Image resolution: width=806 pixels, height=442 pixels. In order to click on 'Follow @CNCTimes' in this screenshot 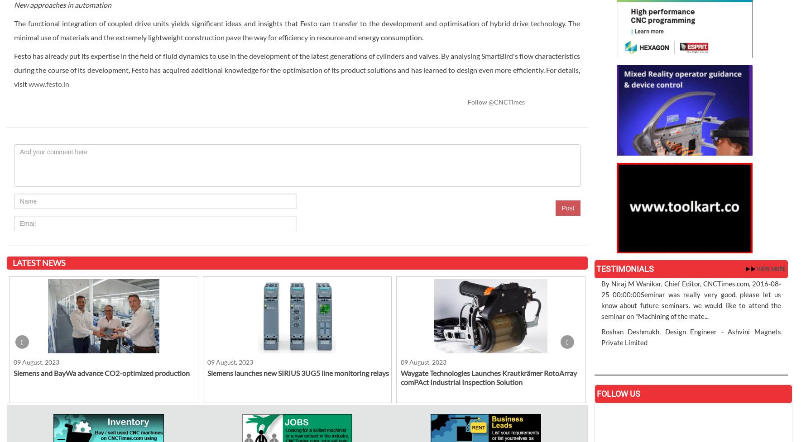, I will do `click(496, 101)`.